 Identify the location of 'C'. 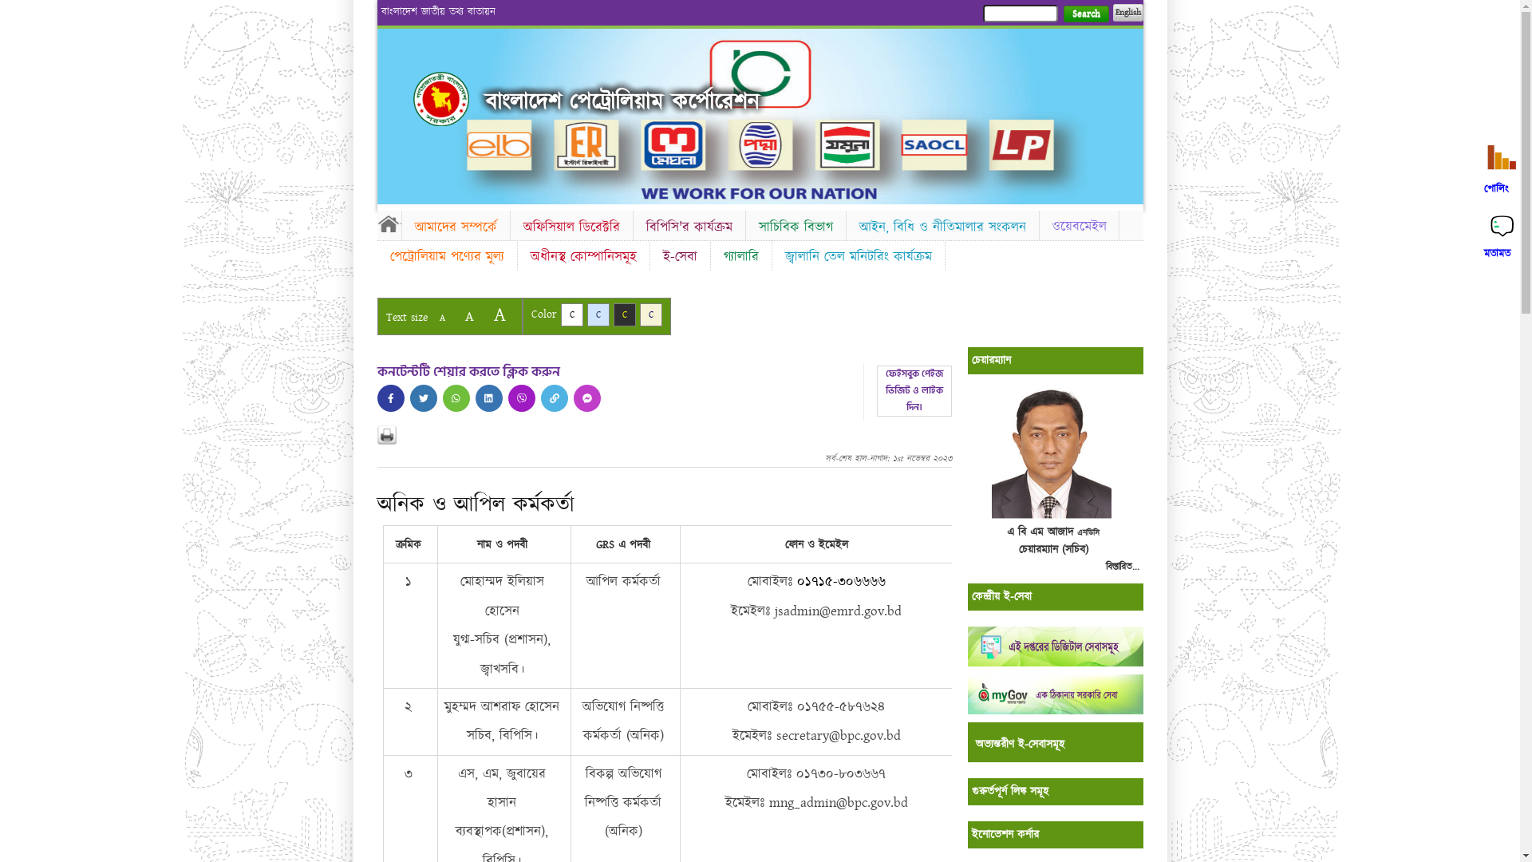
(571, 314).